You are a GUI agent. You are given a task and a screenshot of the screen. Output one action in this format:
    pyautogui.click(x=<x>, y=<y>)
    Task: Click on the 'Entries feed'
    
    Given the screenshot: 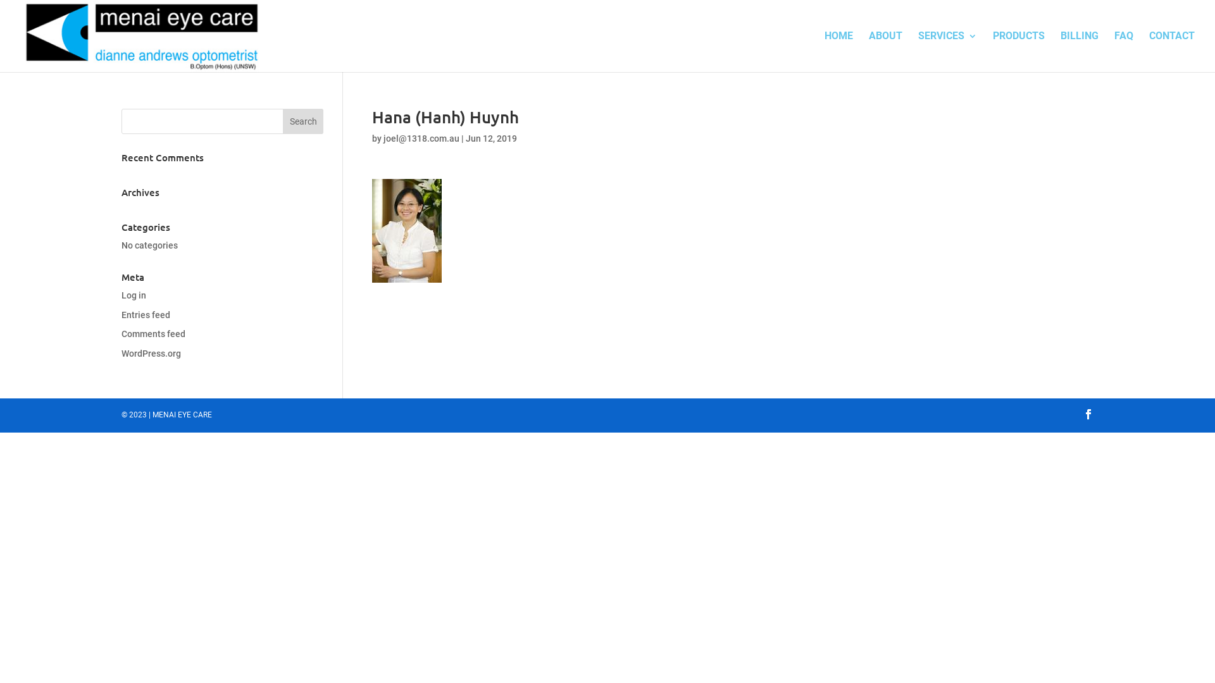 What is the action you would take?
    pyautogui.click(x=121, y=314)
    